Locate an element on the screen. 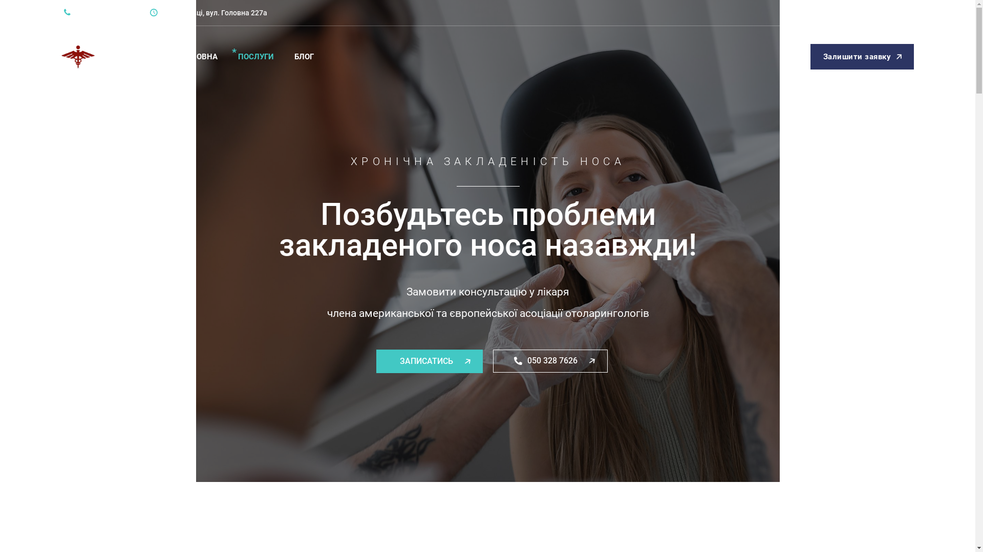 The image size is (983, 552). '050 328 7626' is located at coordinates (550, 360).